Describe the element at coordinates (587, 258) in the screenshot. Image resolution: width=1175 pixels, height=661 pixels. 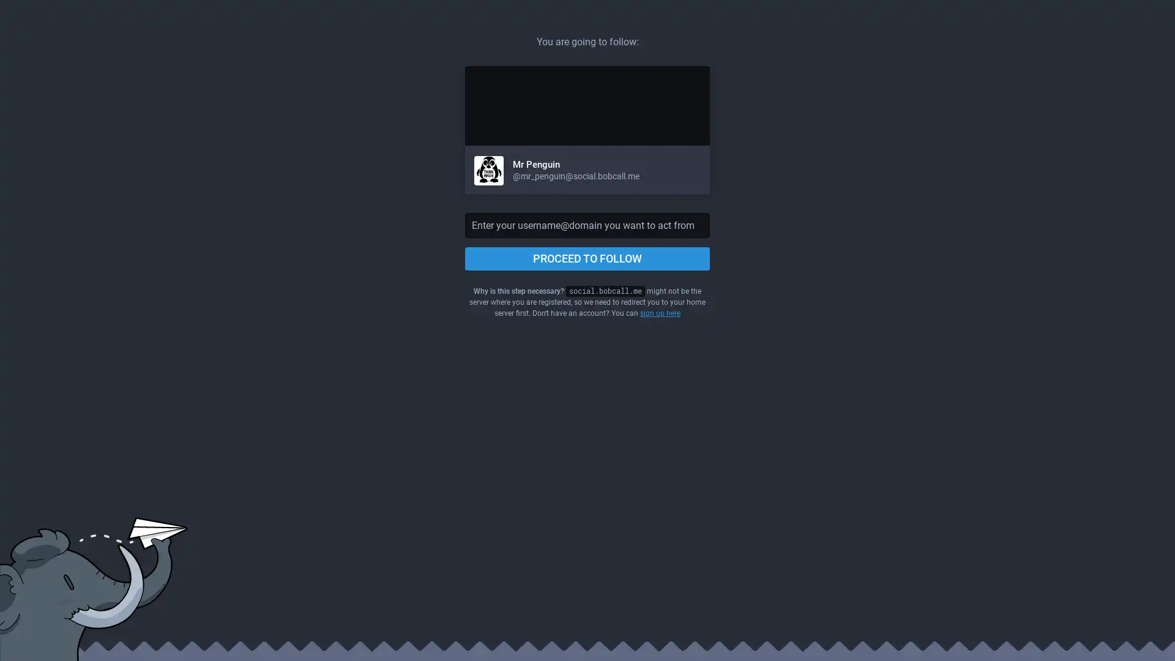
I see `PROCEED TO FOLLOW` at that location.